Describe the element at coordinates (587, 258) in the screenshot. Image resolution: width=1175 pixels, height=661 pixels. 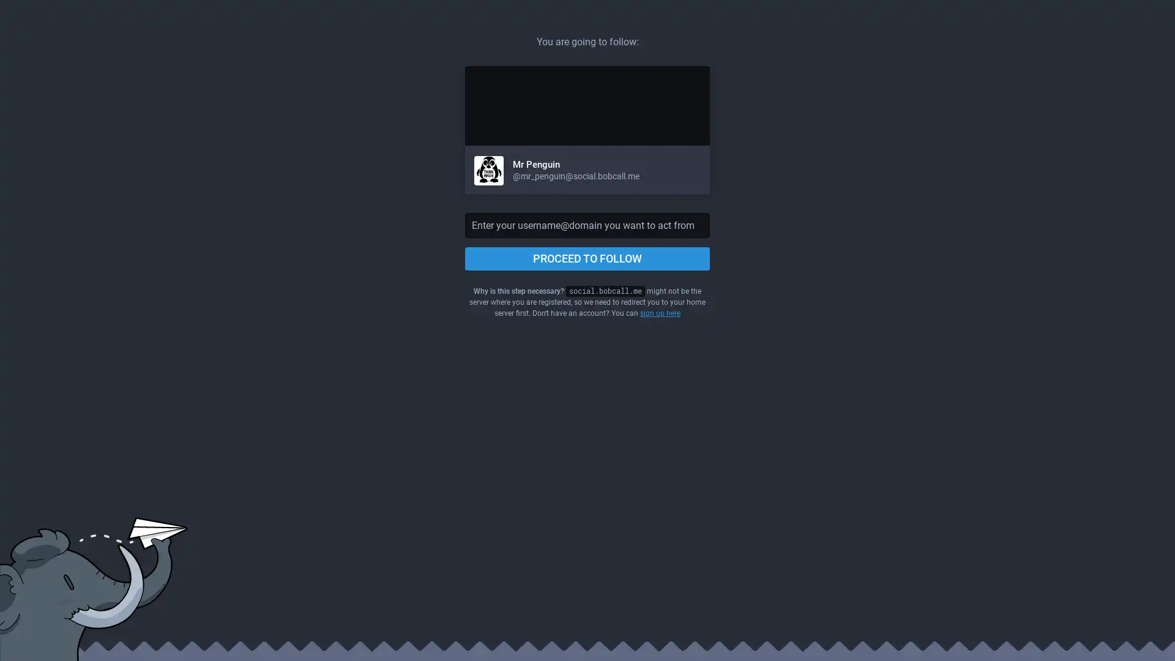
I see `PROCEED TO FOLLOW` at that location.